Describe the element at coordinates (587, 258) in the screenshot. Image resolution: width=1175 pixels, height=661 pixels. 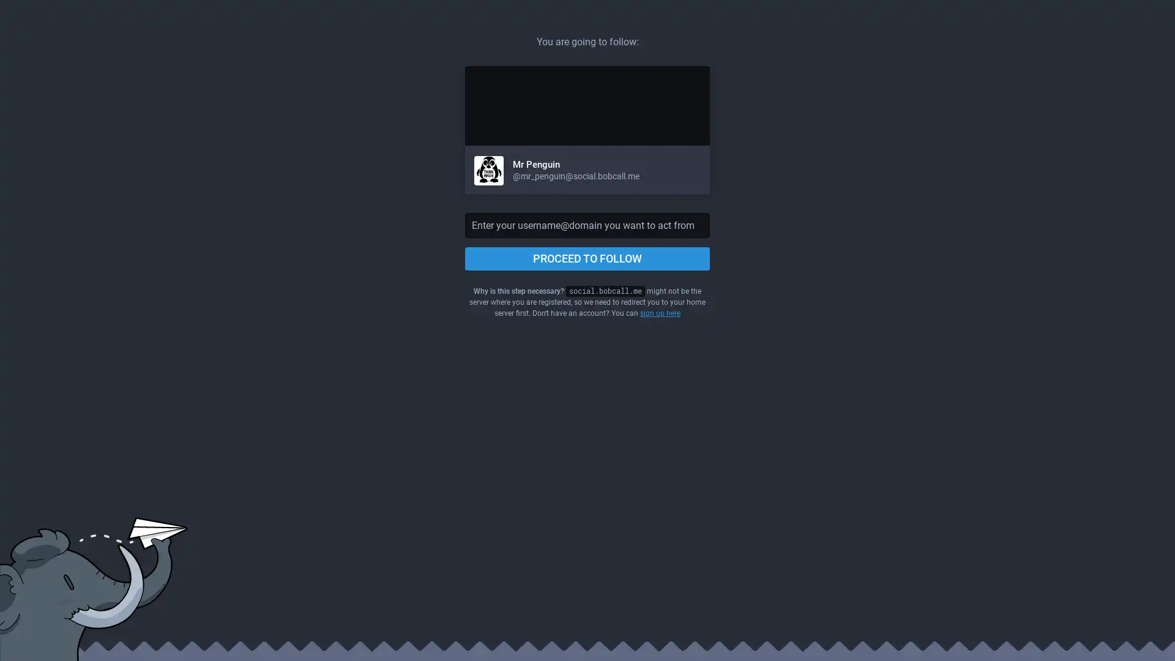
I see `PROCEED TO FOLLOW` at that location.